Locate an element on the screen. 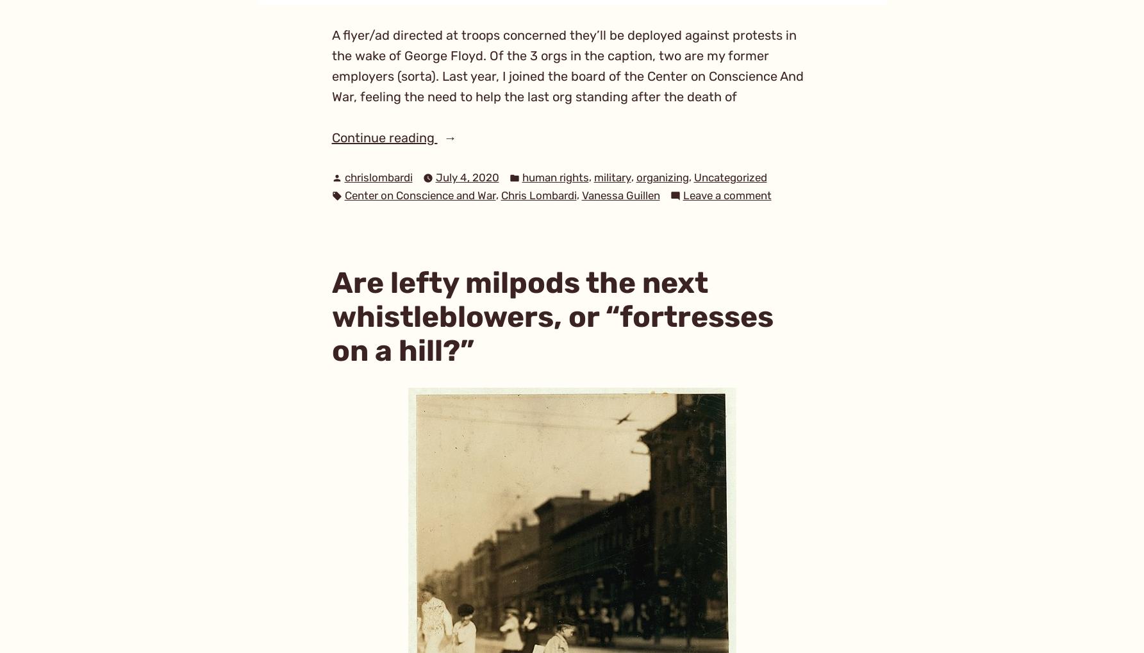 This screenshot has width=1144, height=653. 'Center on Conscience and War' is located at coordinates (419, 194).